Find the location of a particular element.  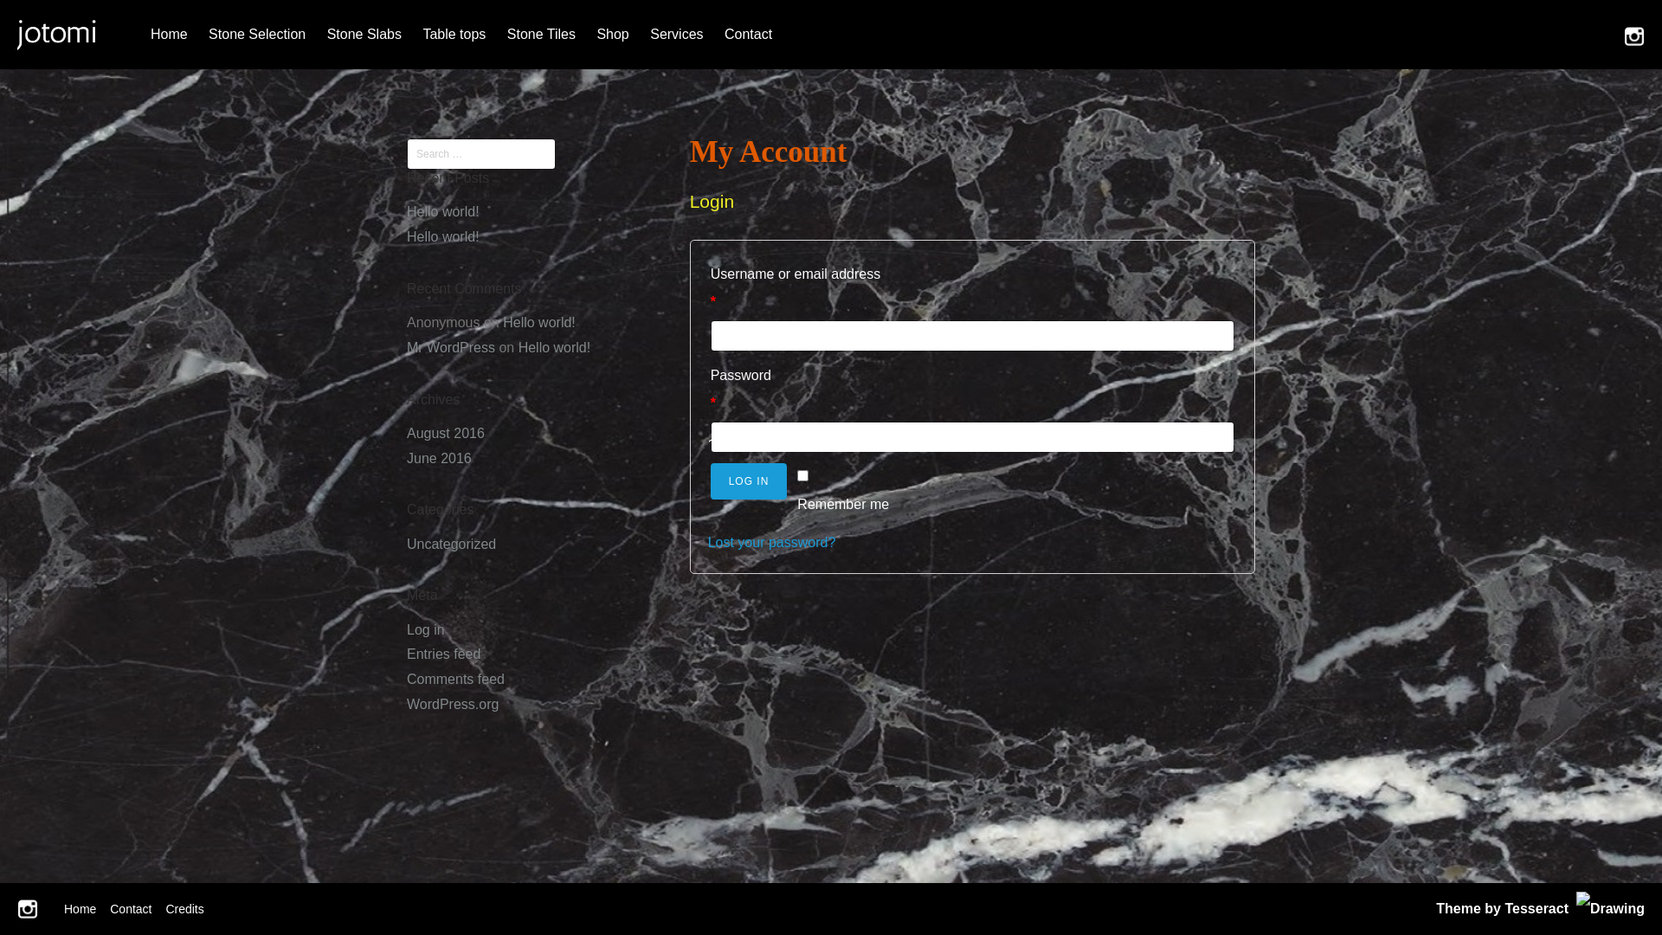

'Uncategorized' is located at coordinates (451, 543).